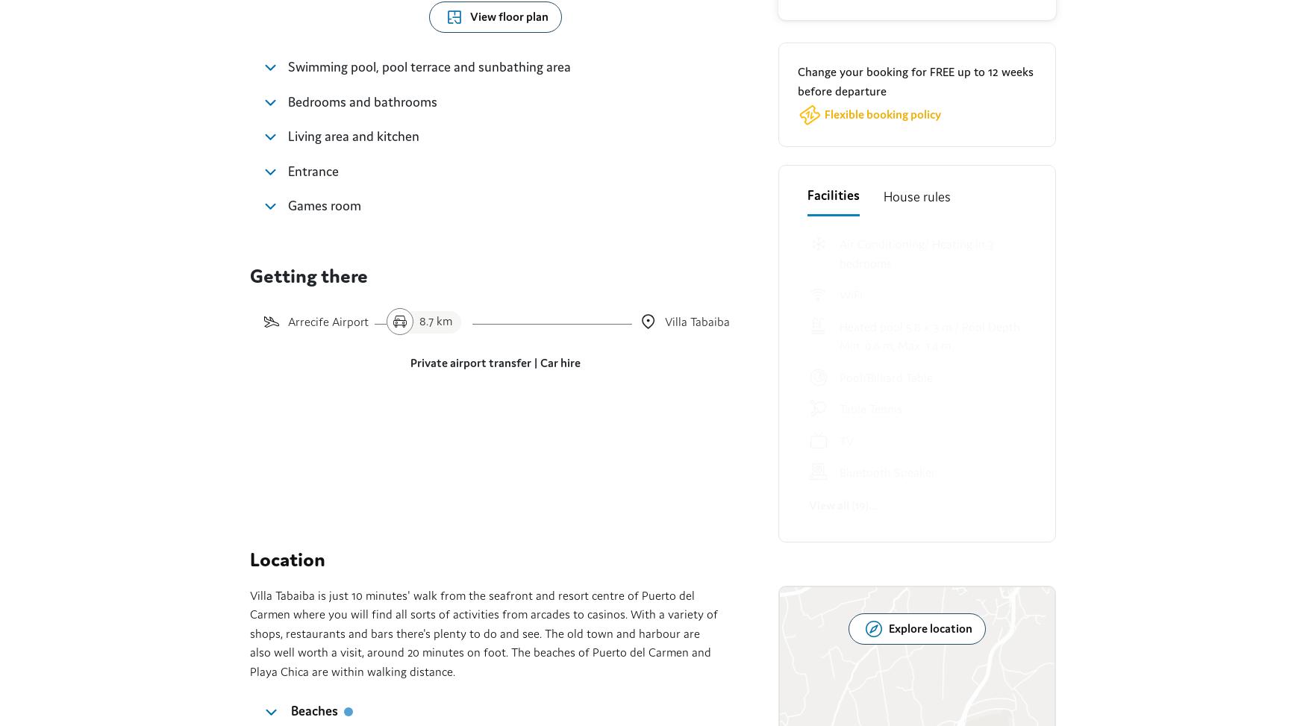 Image resolution: width=1306 pixels, height=726 pixels. What do you see at coordinates (290, 205) in the screenshot?
I see `'Family fun'` at bounding box center [290, 205].